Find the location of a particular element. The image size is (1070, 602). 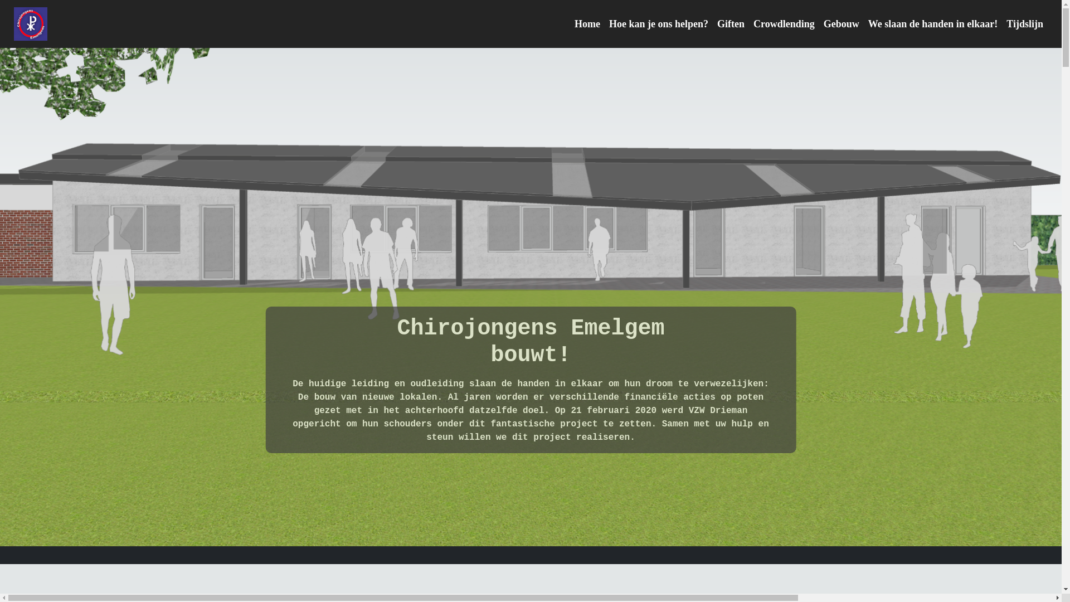

'We slaan de handen in elkaar!' is located at coordinates (933, 24).